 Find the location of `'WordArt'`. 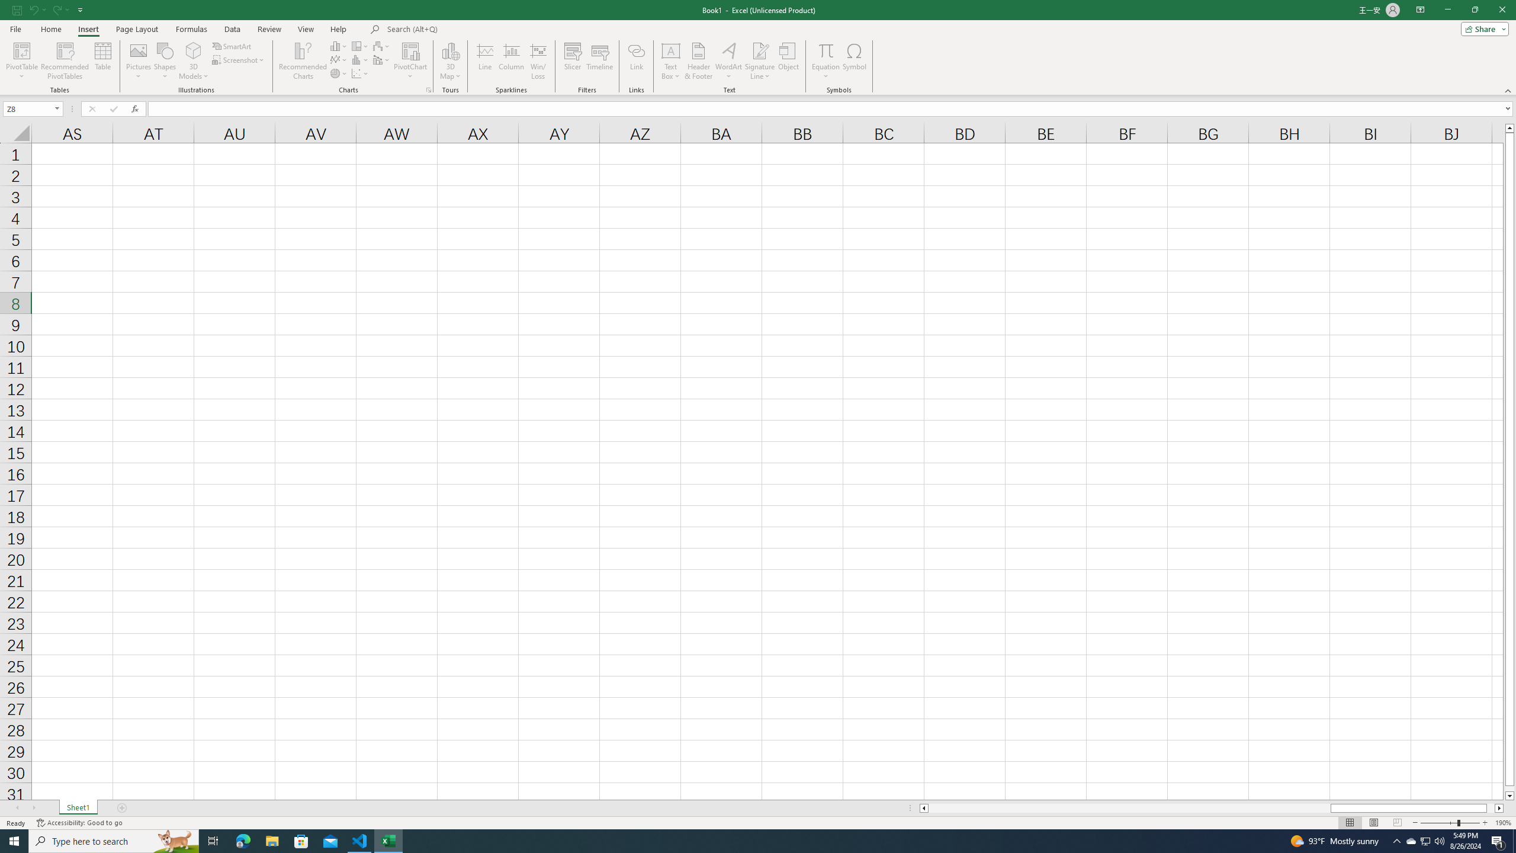

'WordArt' is located at coordinates (729, 61).